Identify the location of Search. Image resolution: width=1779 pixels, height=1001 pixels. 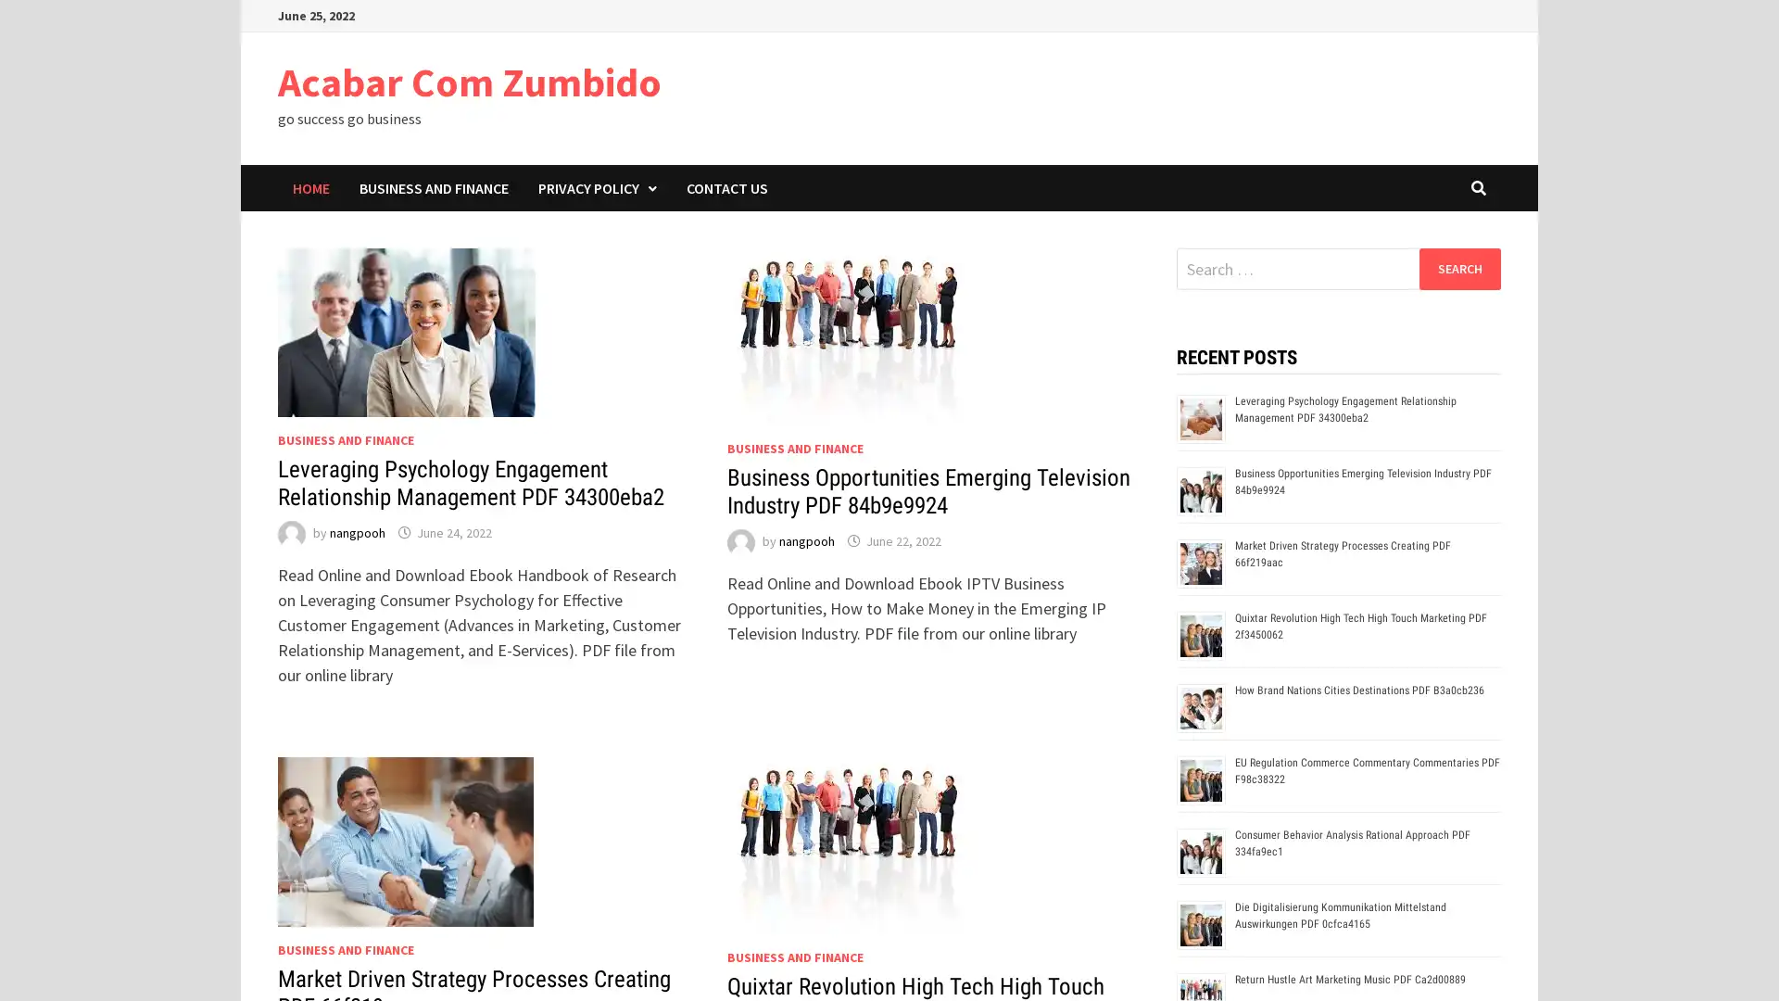
(1458, 268).